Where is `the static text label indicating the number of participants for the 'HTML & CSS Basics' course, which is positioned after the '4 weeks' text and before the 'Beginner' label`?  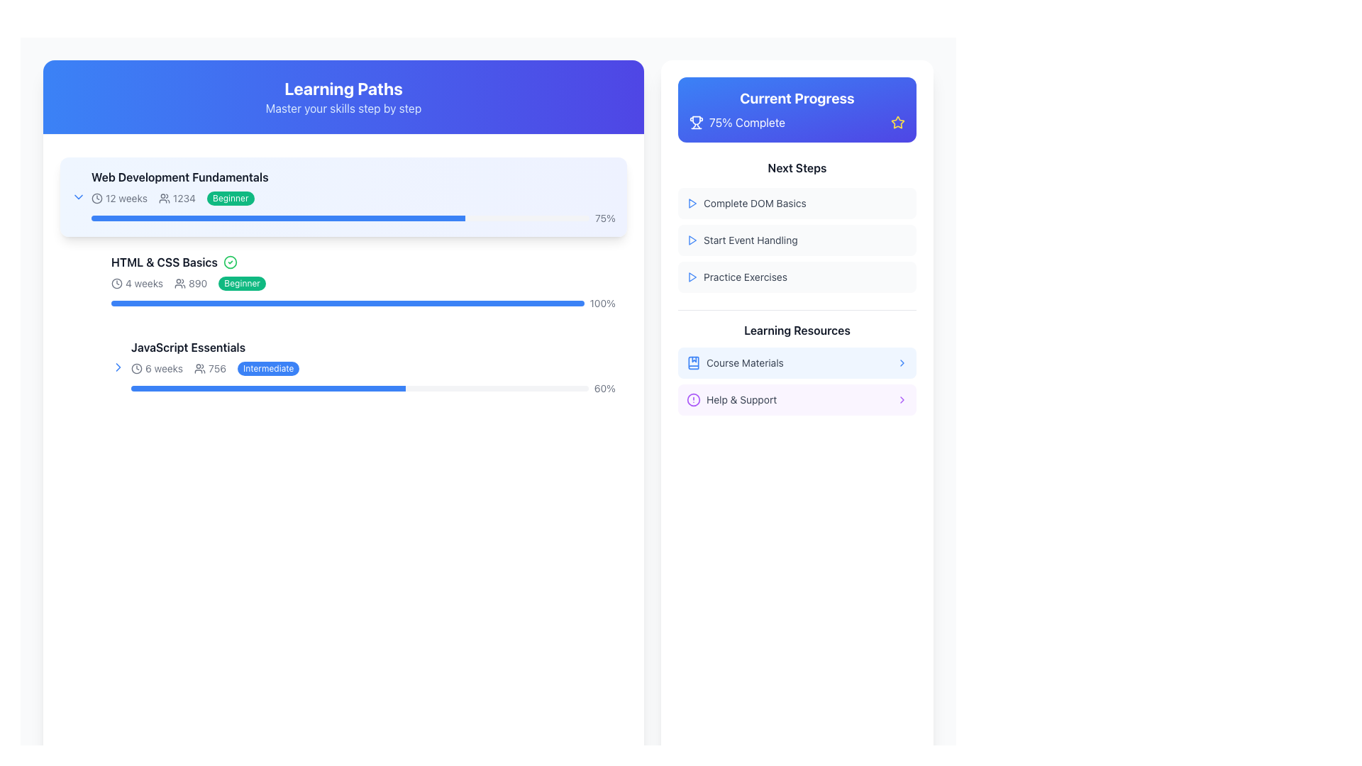 the static text label indicating the number of participants for the 'HTML & CSS Basics' course, which is positioned after the '4 weeks' text and before the 'Beginner' label is located at coordinates (190, 284).